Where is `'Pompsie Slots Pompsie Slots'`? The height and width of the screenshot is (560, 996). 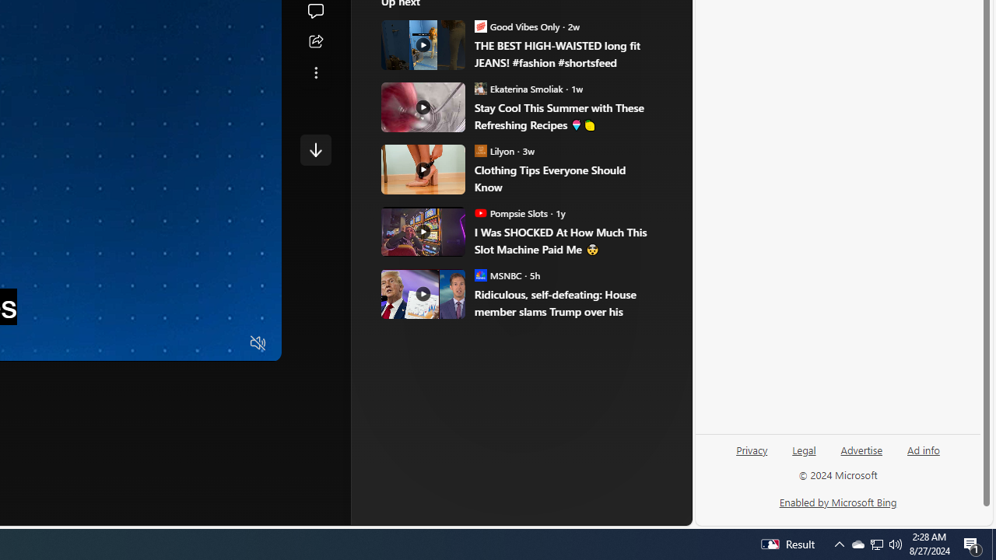
'Pompsie Slots Pompsie Slots' is located at coordinates (511, 212).